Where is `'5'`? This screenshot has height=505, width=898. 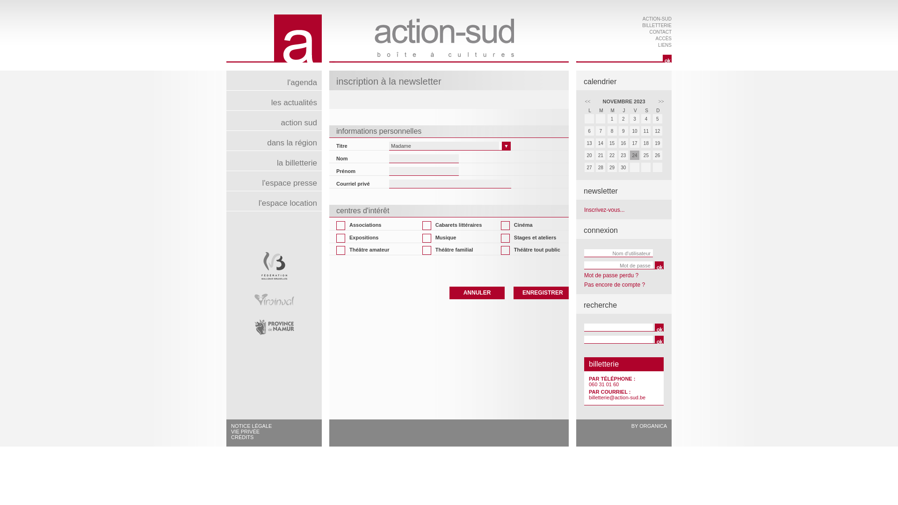
'5' is located at coordinates (652, 118).